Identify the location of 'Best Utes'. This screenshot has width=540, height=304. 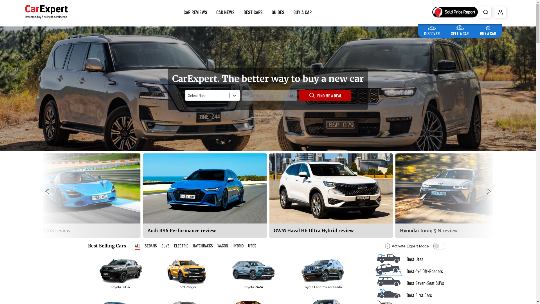
(411, 259).